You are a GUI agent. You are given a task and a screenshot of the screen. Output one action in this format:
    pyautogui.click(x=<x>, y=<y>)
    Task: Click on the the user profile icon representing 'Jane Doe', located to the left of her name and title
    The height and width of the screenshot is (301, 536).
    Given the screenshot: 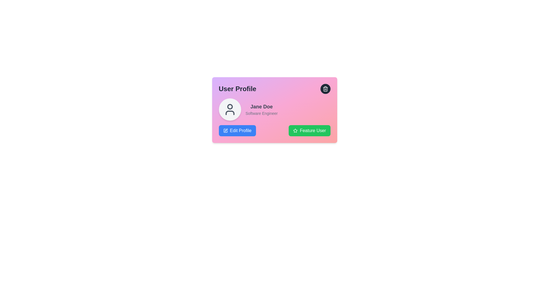 What is the action you would take?
    pyautogui.click(x=230, y=110)
    